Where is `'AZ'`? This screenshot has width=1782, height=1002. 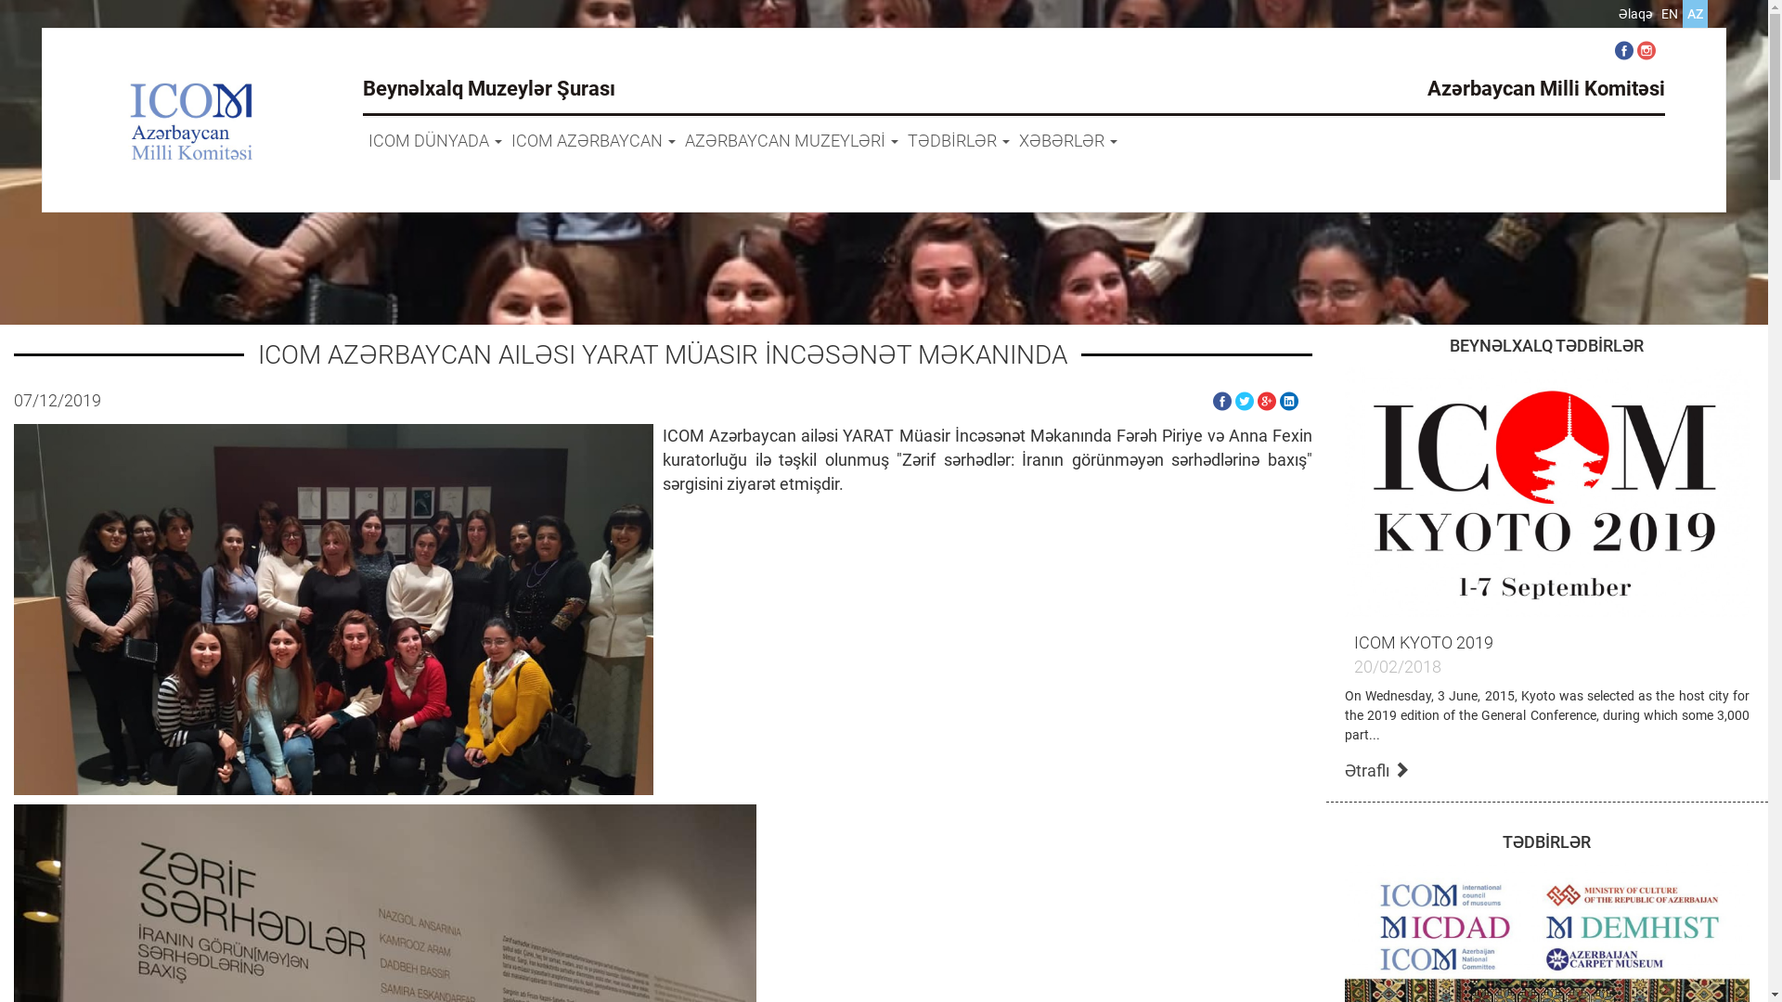 'AZ' is located at coordinates (1687, 14).